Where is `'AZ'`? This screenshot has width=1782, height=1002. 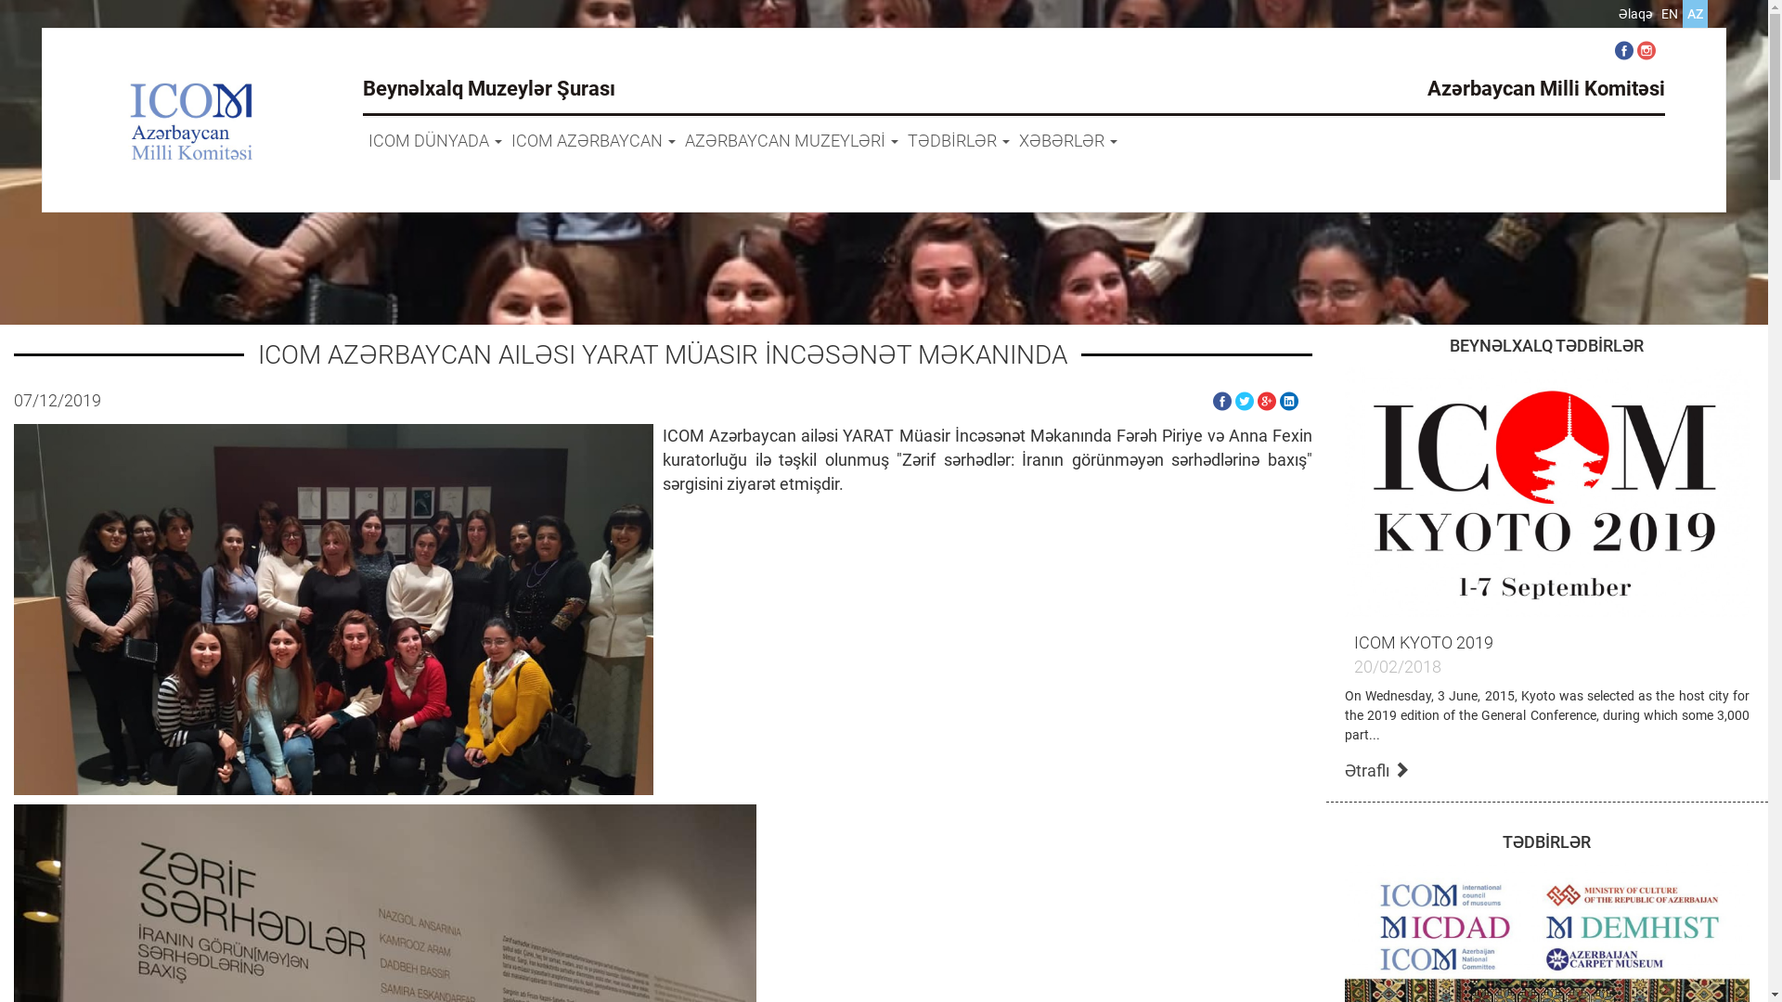 'AZ' is located at coordinates (1687, 14).